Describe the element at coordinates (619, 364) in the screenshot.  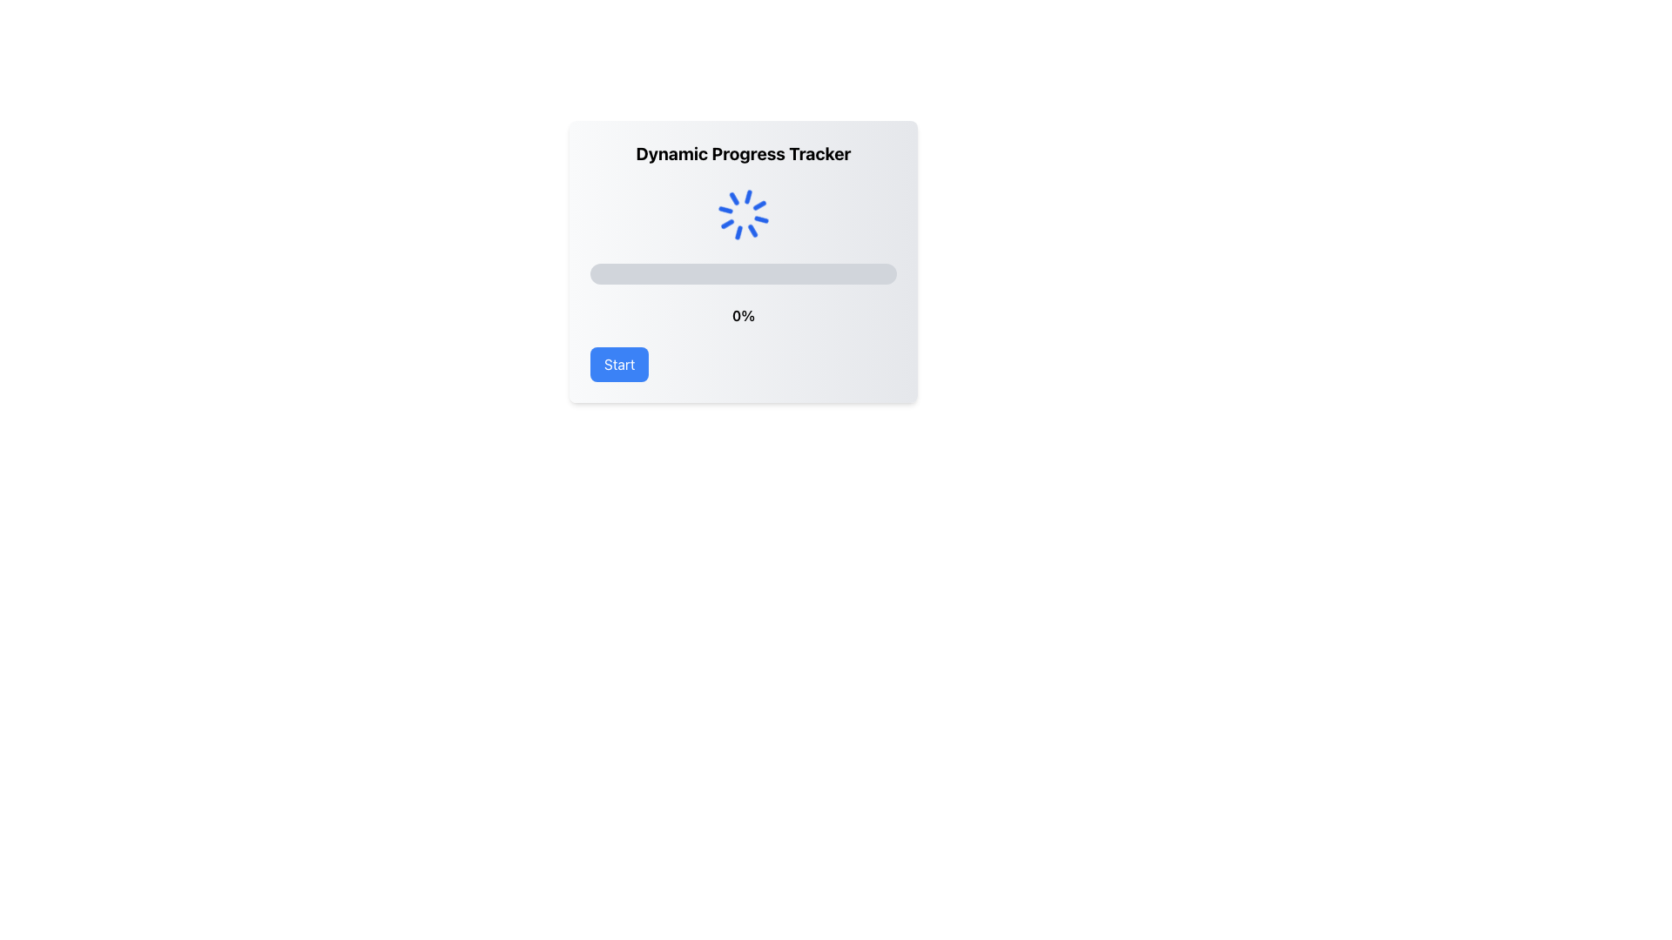
I see `the 'Start' button, which is a rectangular button with rounded corners and a blue background, located at the bottom-left corner of the 'Dynamic Progress Tracker' card interface` at that location.